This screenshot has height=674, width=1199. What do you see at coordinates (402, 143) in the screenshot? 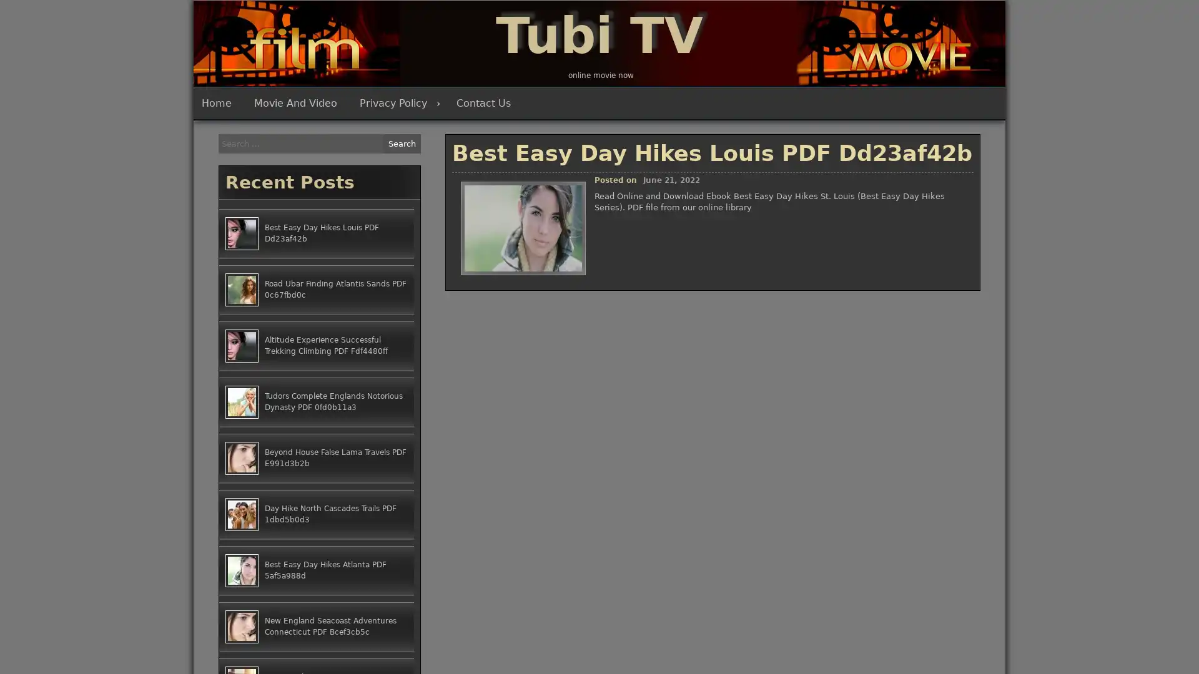
I see `Search` at bounding box center [402, 143].